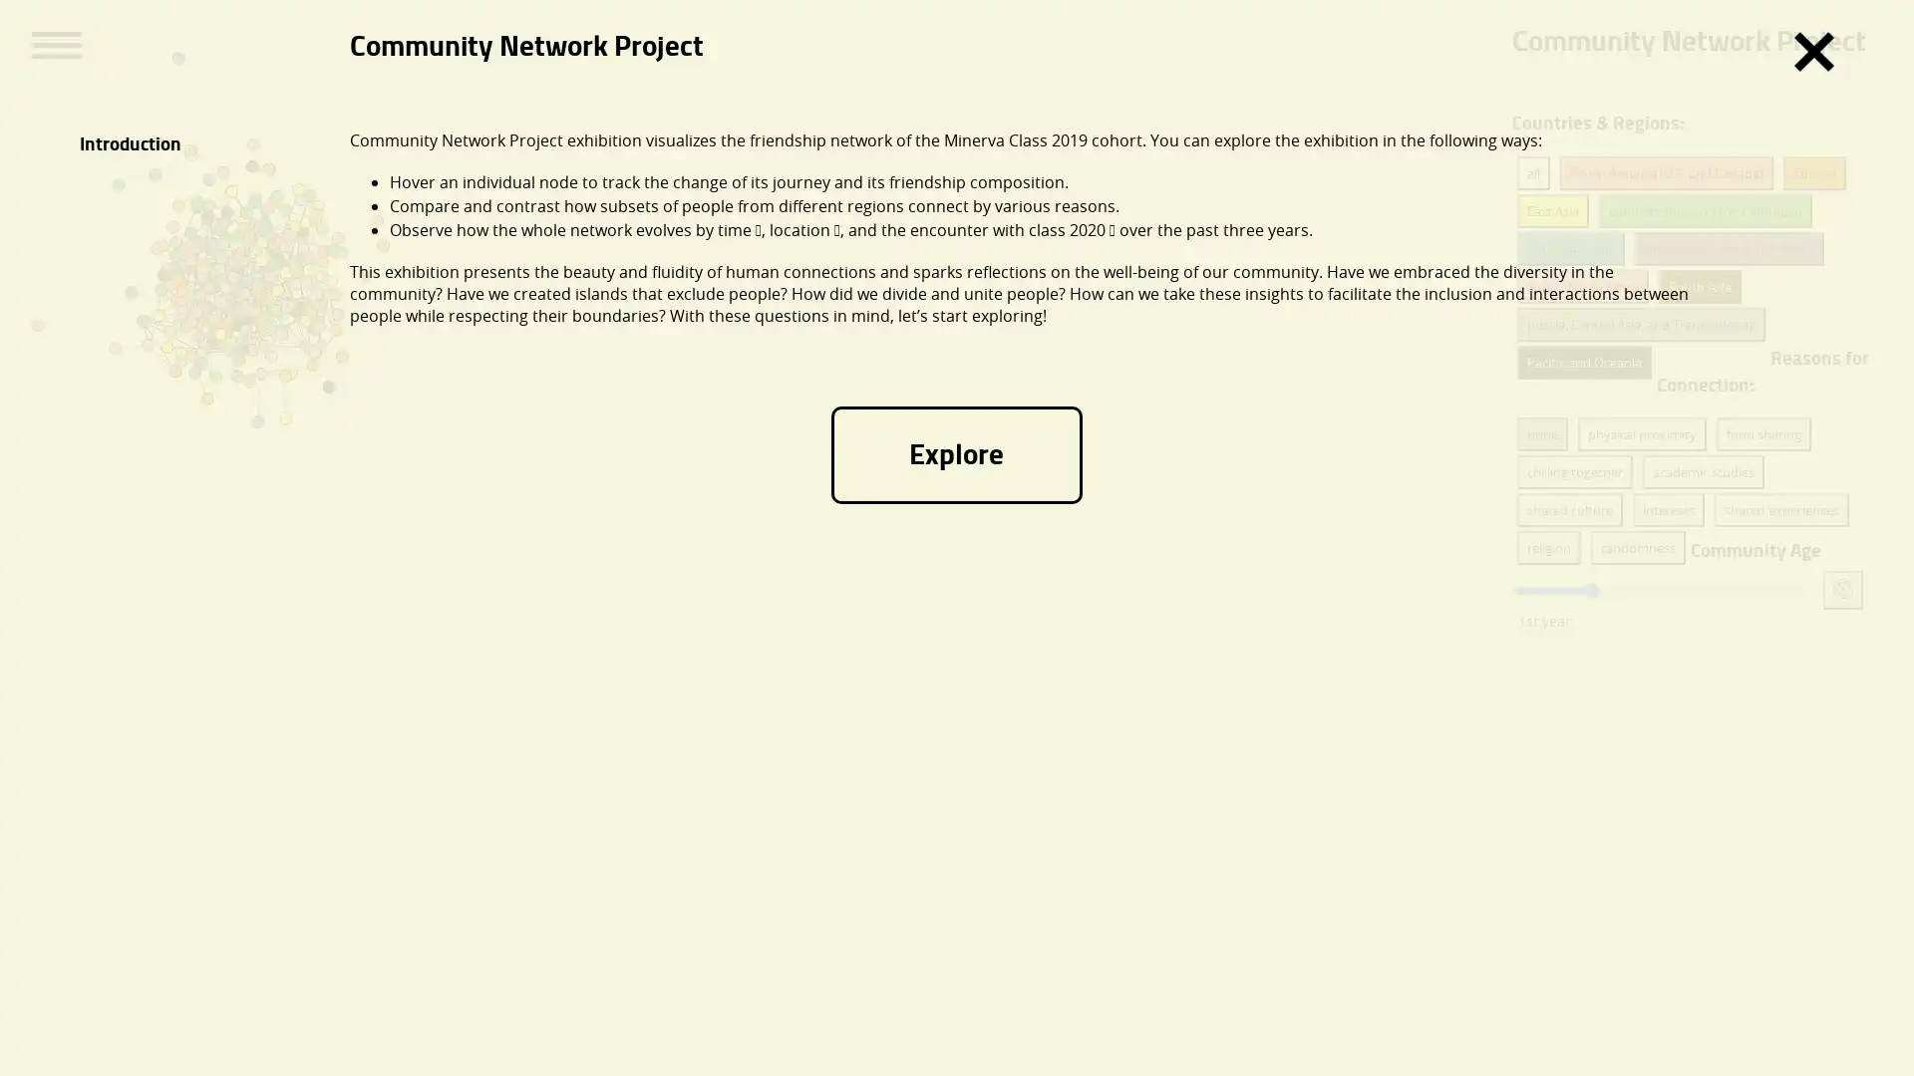  I want to click on chilling together, so click(1573, 472).